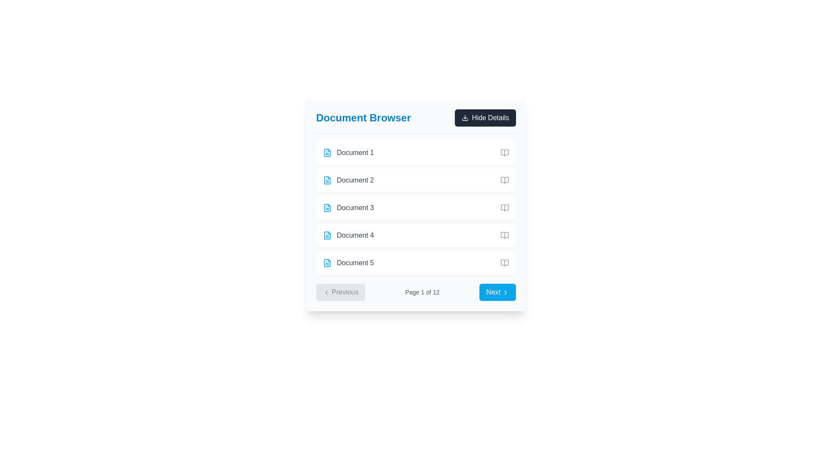 This screenshot has height=465, width=827. I want to click on the open book icon located on the right side of the row associated with 'Document 4', so click(504, 236).